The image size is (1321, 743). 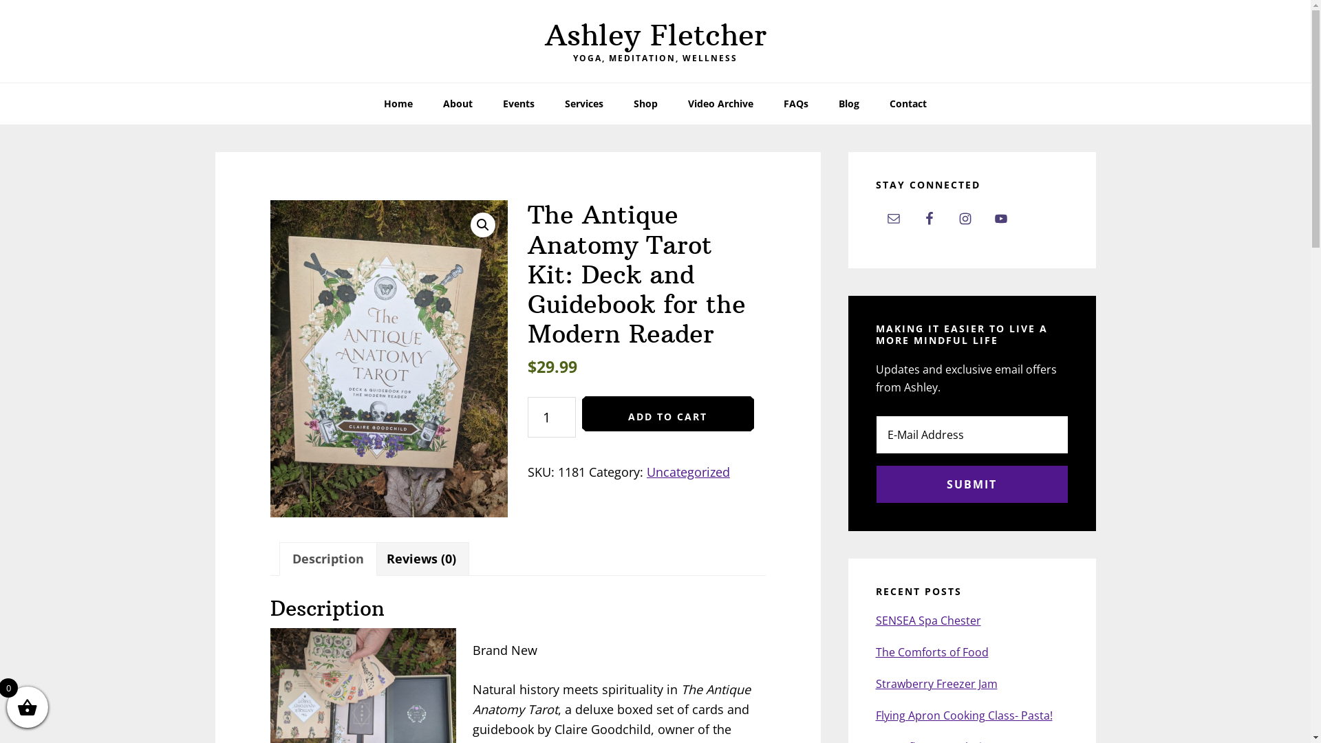 I want to click on 'Video Archive', so click(x=720, y=103).